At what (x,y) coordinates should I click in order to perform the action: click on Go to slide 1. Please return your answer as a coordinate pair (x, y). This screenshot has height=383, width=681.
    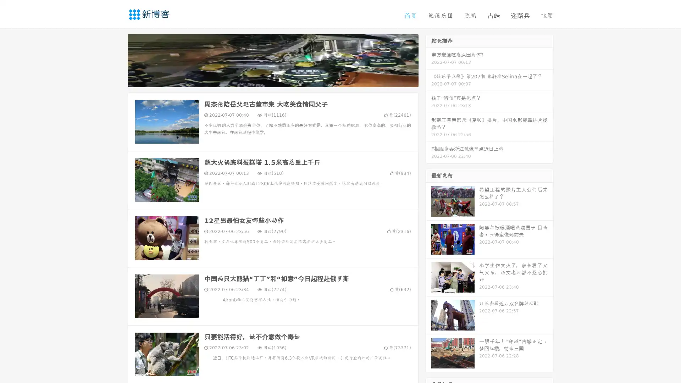
    Looking at the image, I should click on (265, 80).